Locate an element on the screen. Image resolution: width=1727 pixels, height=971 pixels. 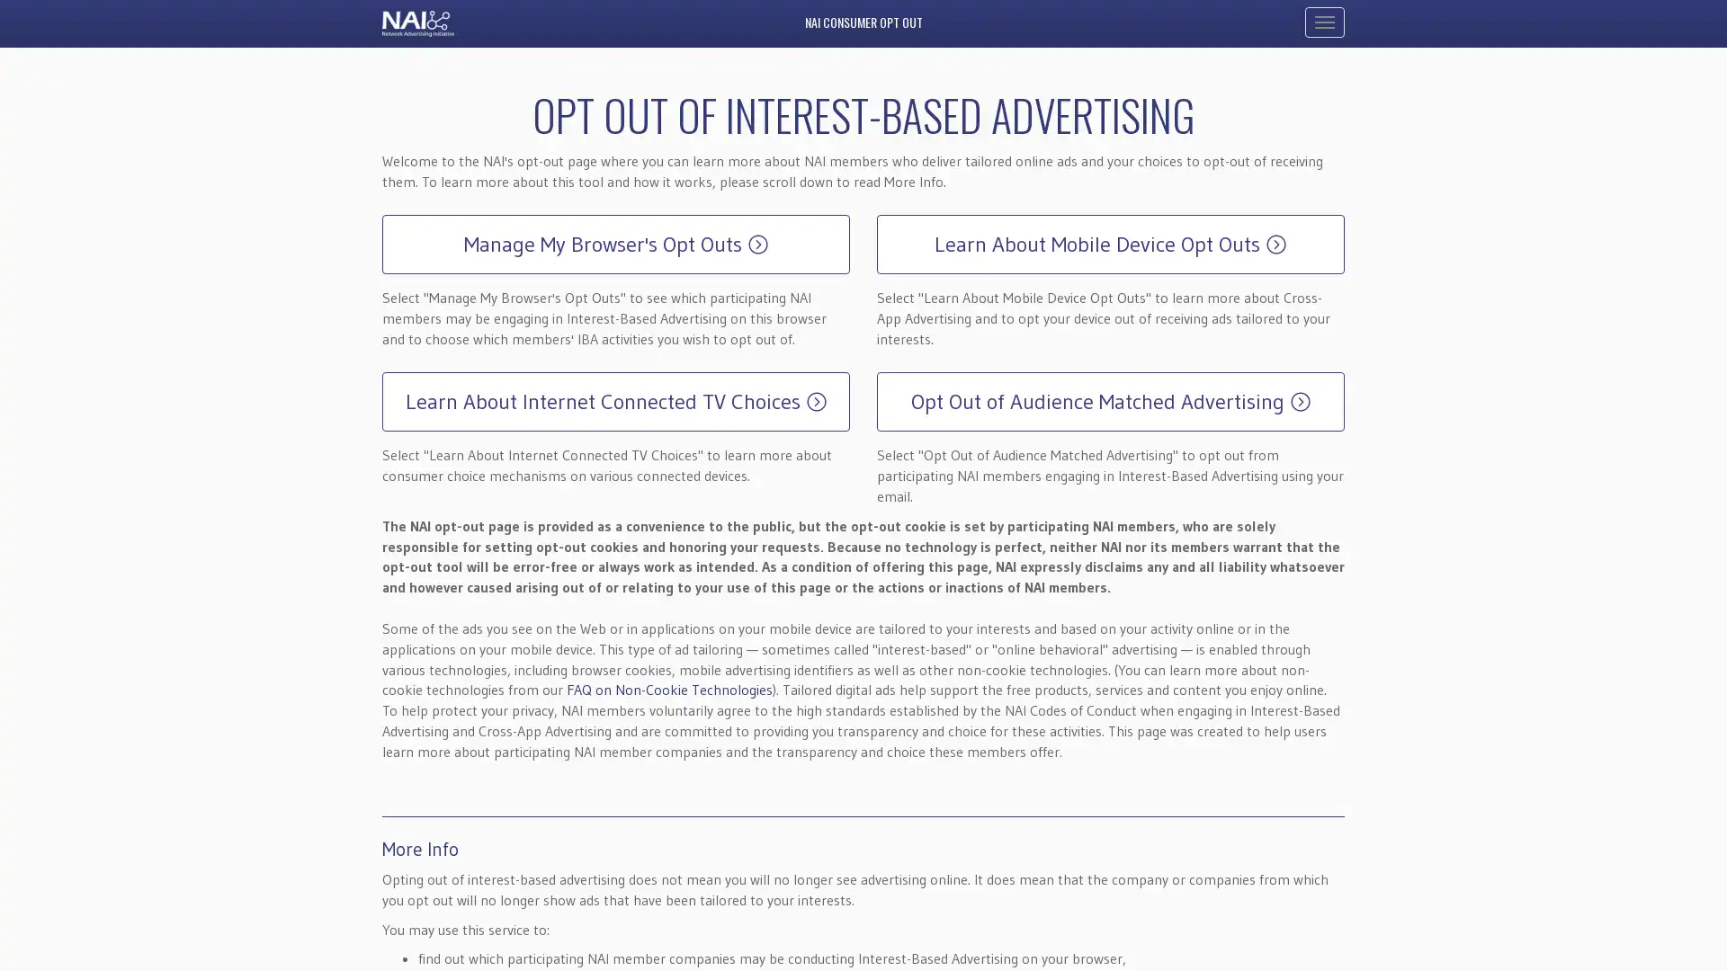
Toggle navigation is located at coordinates (1325, 22).